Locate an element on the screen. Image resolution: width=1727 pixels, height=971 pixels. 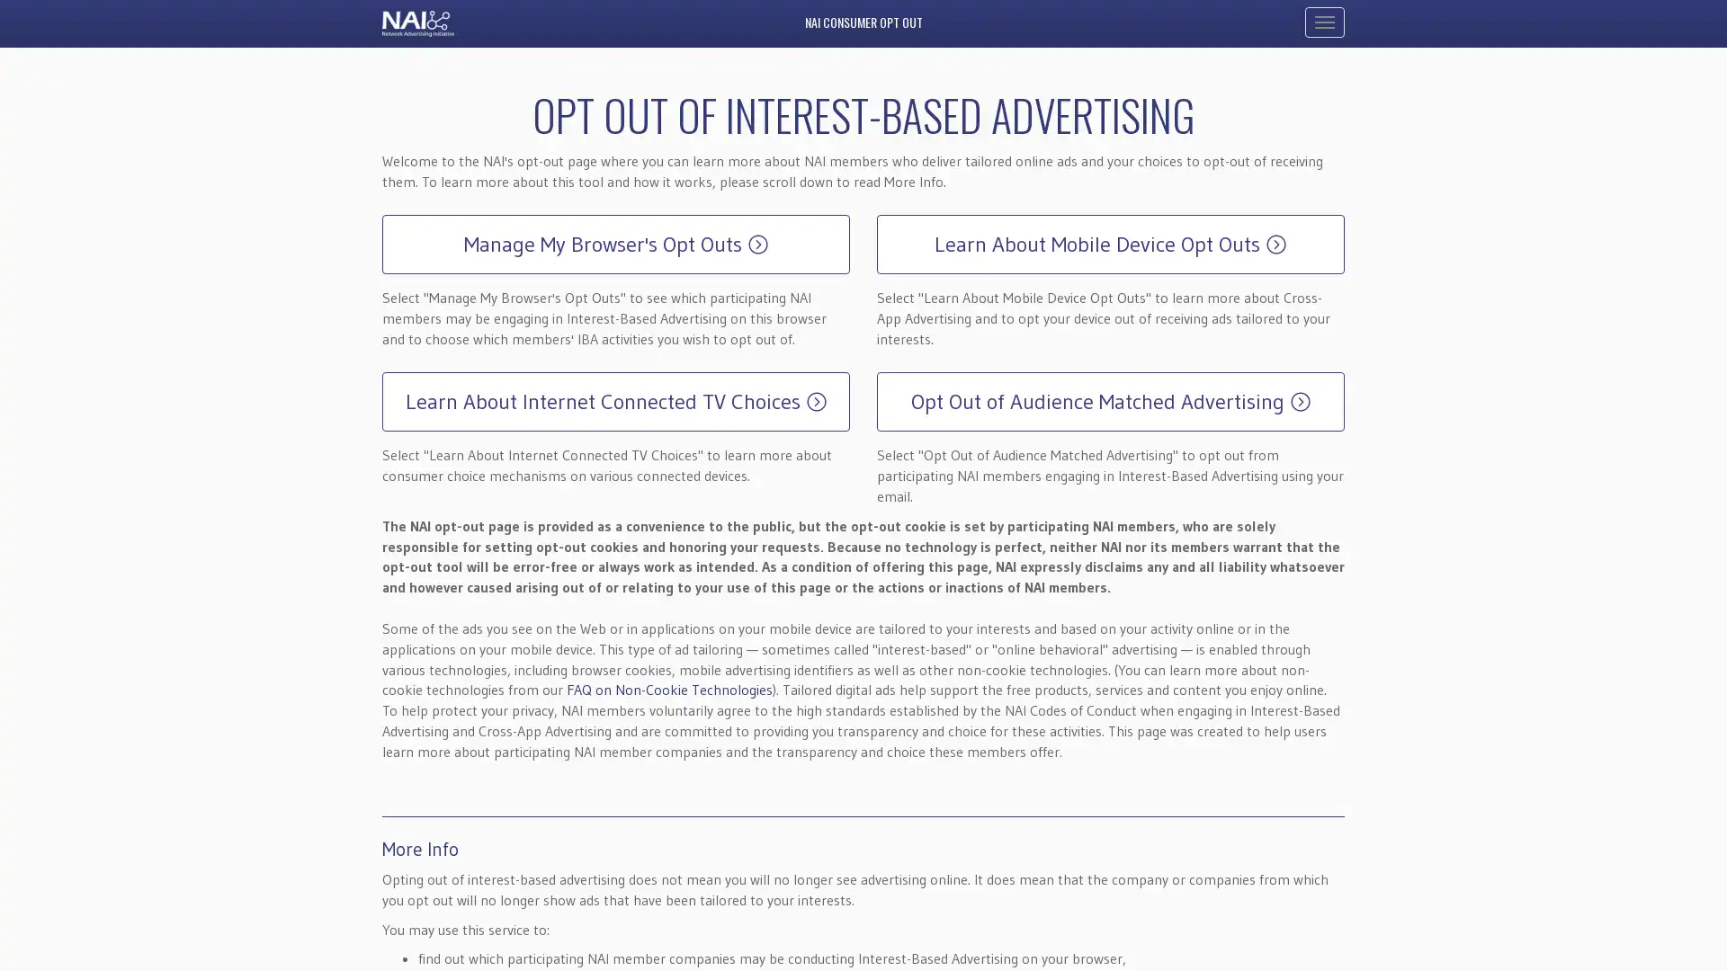
Toggle navigation is located at coordinates (1325, 22).